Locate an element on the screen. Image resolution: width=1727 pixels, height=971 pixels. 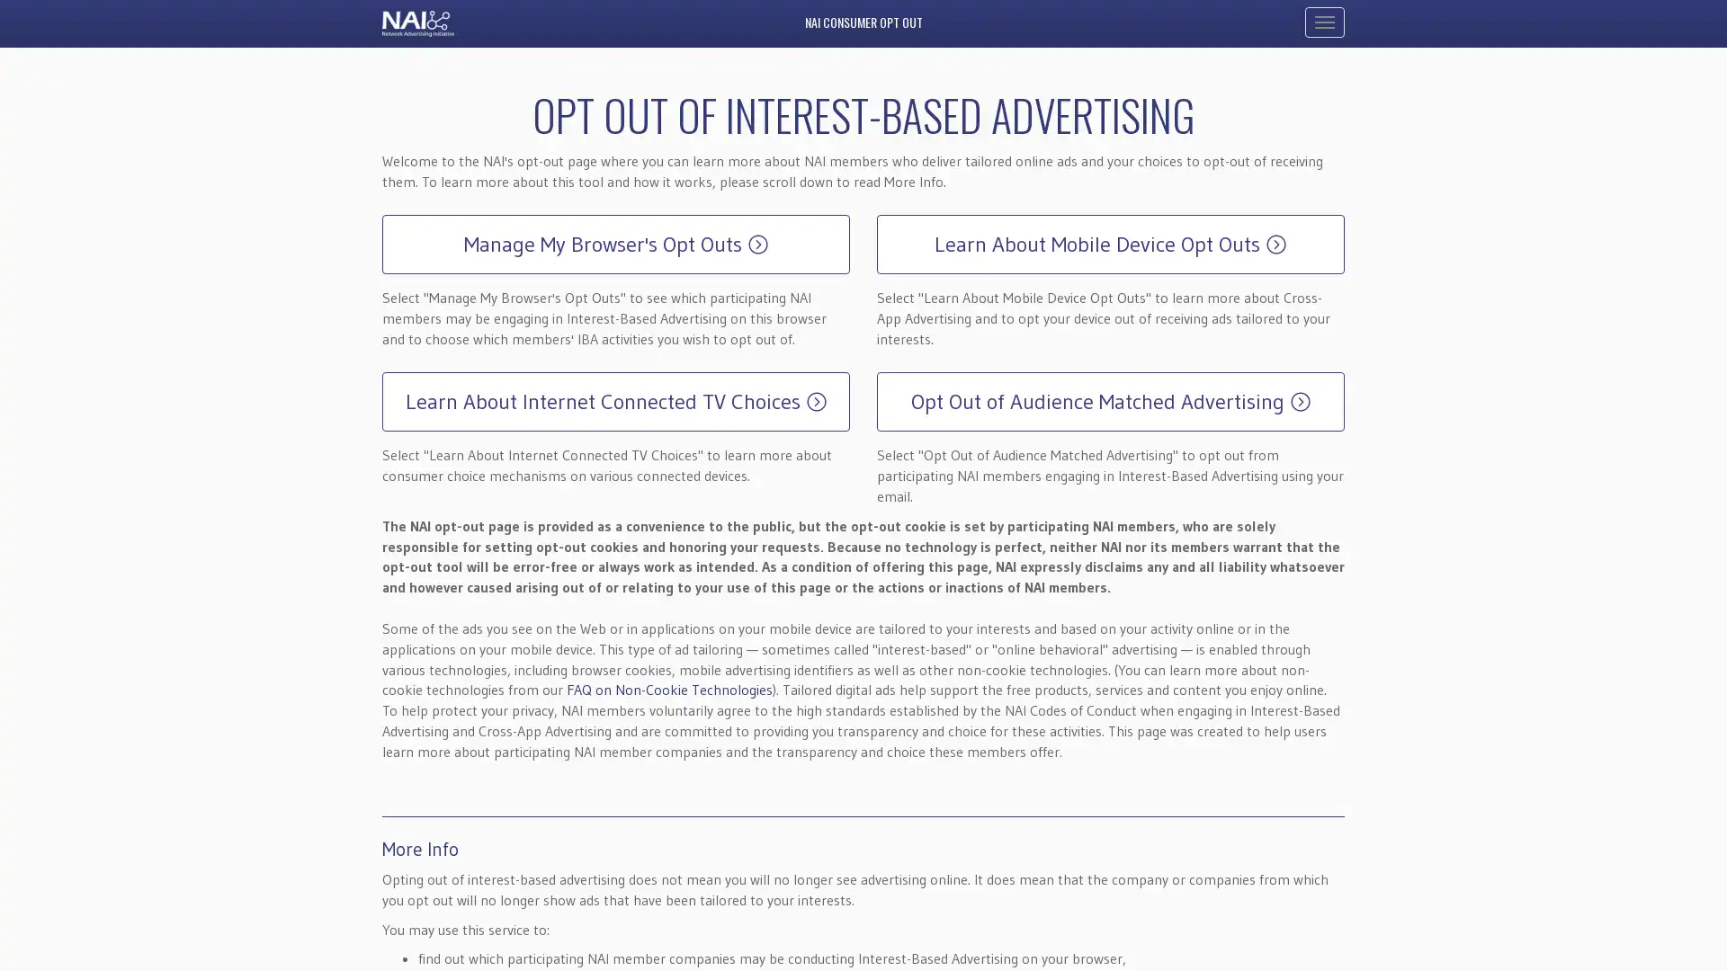
Toggle navigation is located at coordinates (1325, 22).